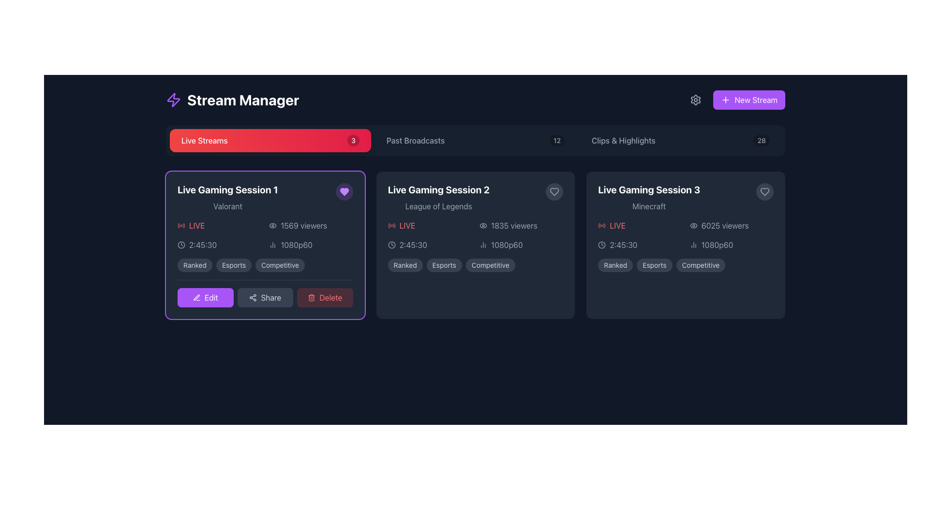 The image size is (929, 522). What do you see at coordinates (476, 231) in the screenshot?
I see `specific components within the Informational card or panel that details the active live streaming session, located as the second card in a horizontally arranged list of live stream sessions` at bounding box center [476, 231].